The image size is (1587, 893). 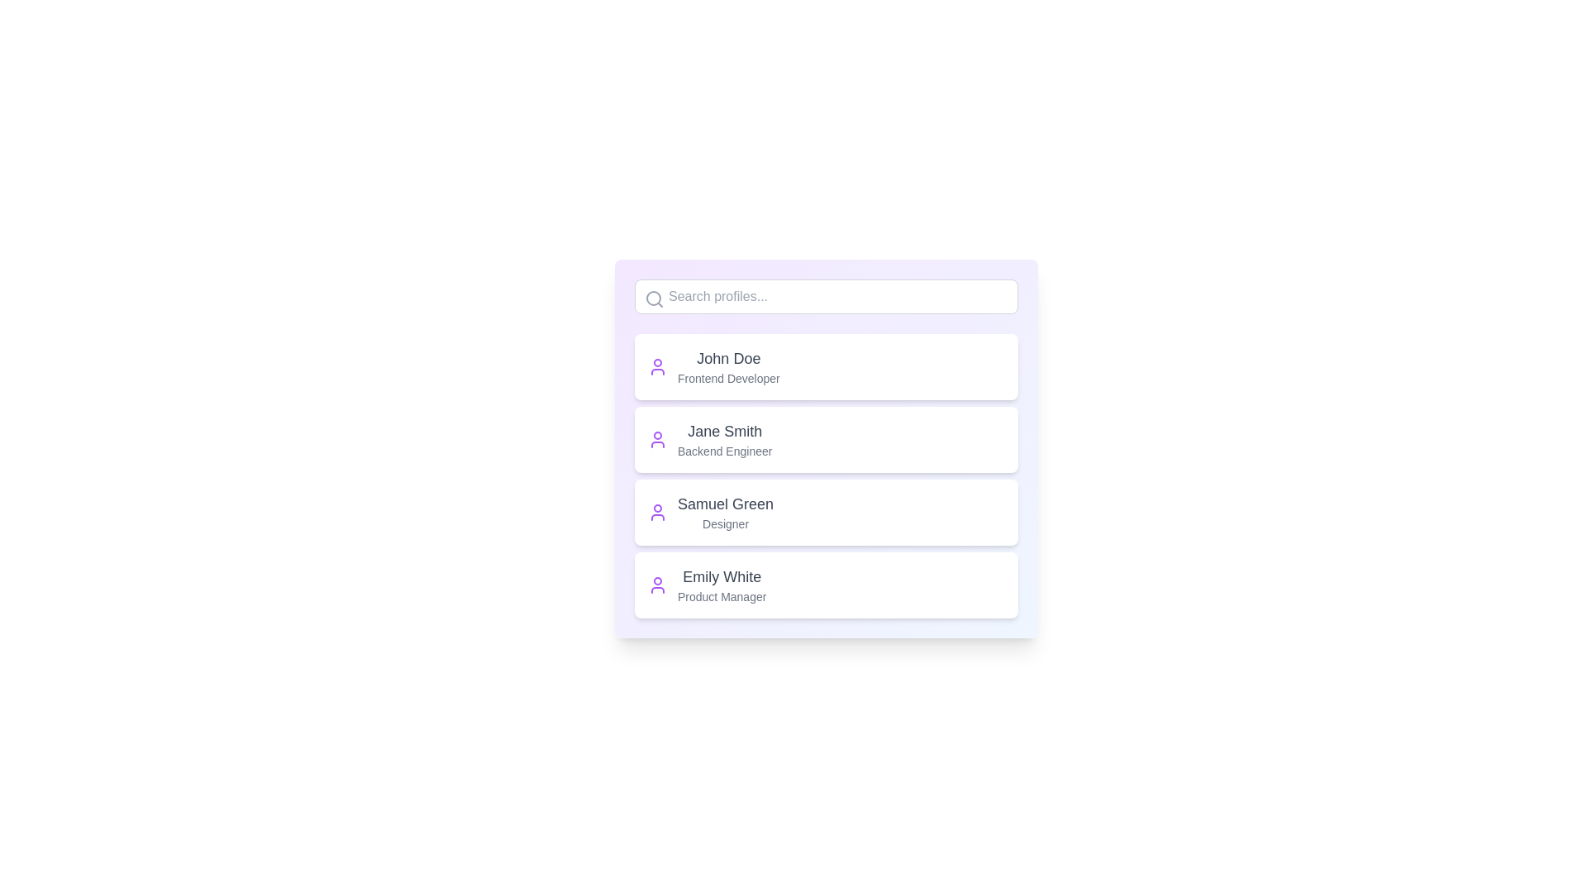 What do you see at coordinates (826, 585) in the screenshot?
I see `the Profile card for 'Emily White', which features her name in bold and the role 'Product Manager' beneath it` at bounding box center [826, 585].